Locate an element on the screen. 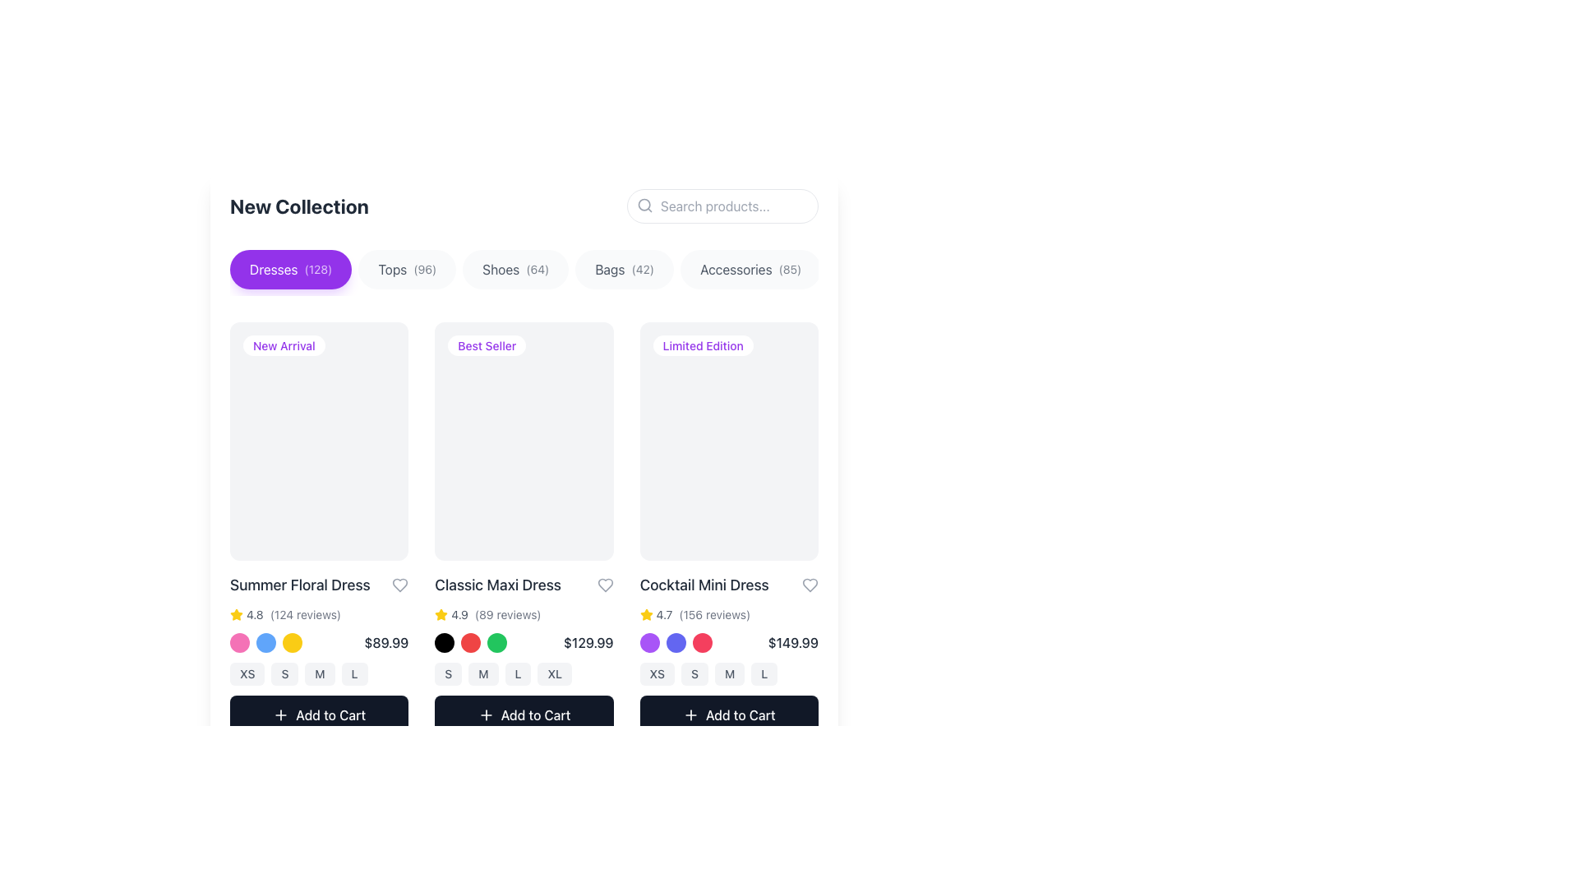  the Icon Button located to the right of the 'Classic Maxi Dress' product details is located at coordinates (604, 584).